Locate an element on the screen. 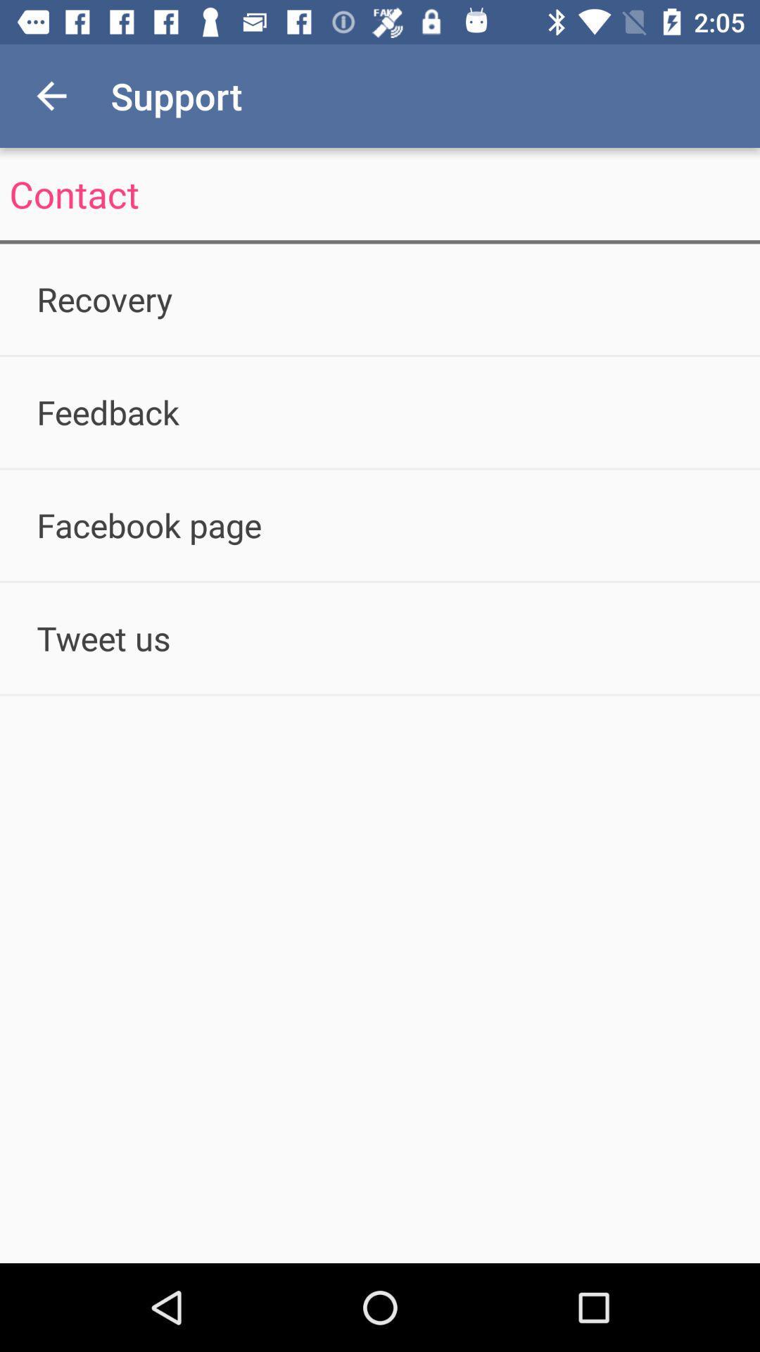  icon next to support app is located at coordinates (51, 95).